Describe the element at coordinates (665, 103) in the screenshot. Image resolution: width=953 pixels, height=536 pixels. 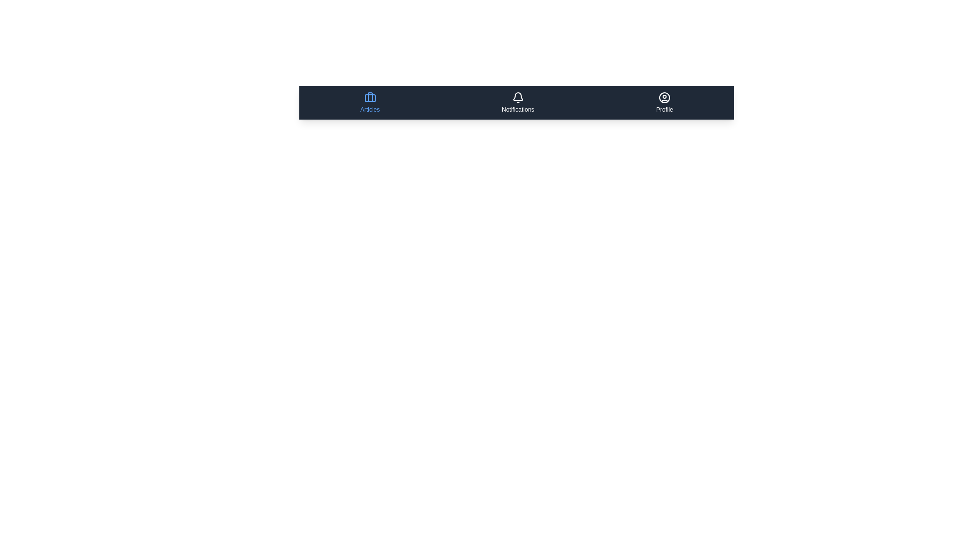
I see `the menu item labeled Profile` at that location.